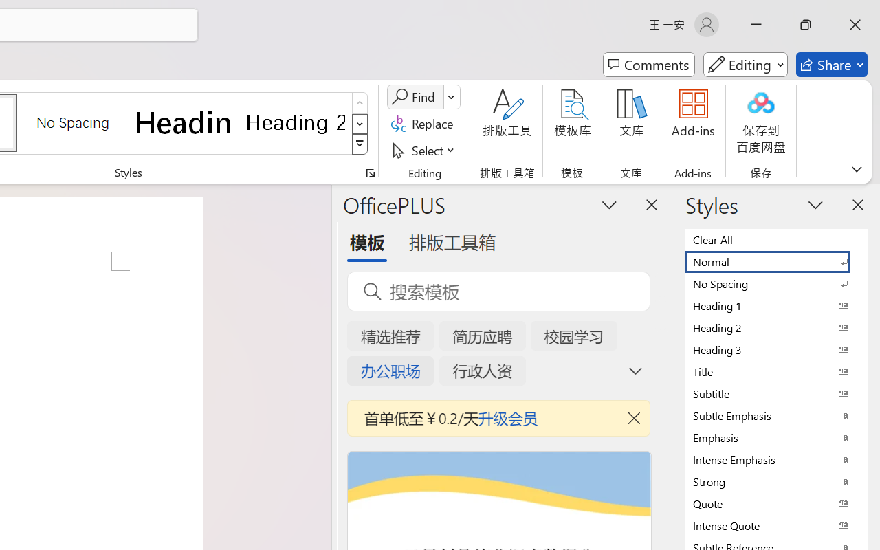  What do you see at coordinates (777, 525) in the screenshot?
I see `'Intense Quote'` at bounding box center [777, 525].